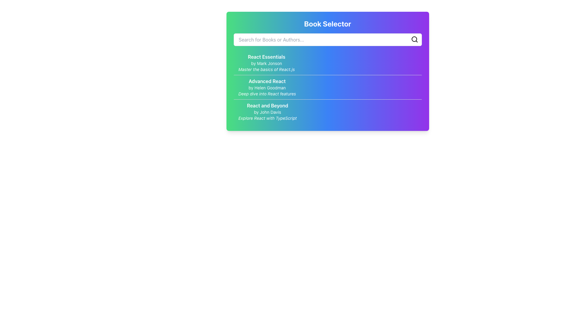 The image size is (579, 325). I want to click on the SVG circle element that is part of the magnifying glass icon in the top-right corner of the interface, so click(414, 39).